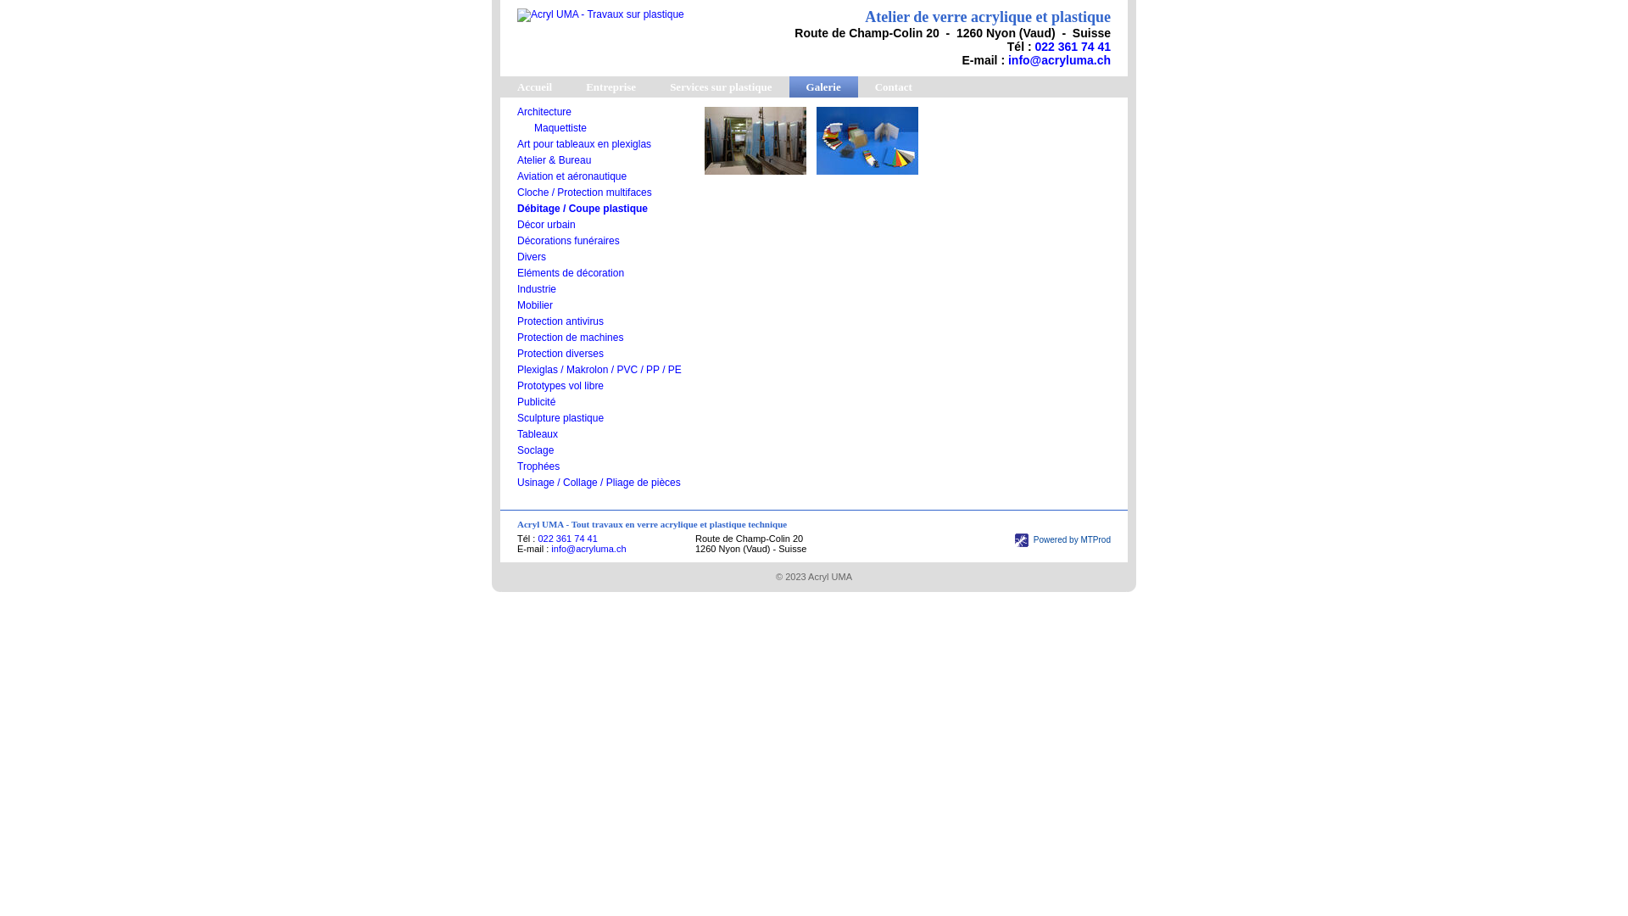  What do you see at coordinates (516, 321) in the screenshot?
I see `'Protection antivirus'` at bounding box center [516, 321].